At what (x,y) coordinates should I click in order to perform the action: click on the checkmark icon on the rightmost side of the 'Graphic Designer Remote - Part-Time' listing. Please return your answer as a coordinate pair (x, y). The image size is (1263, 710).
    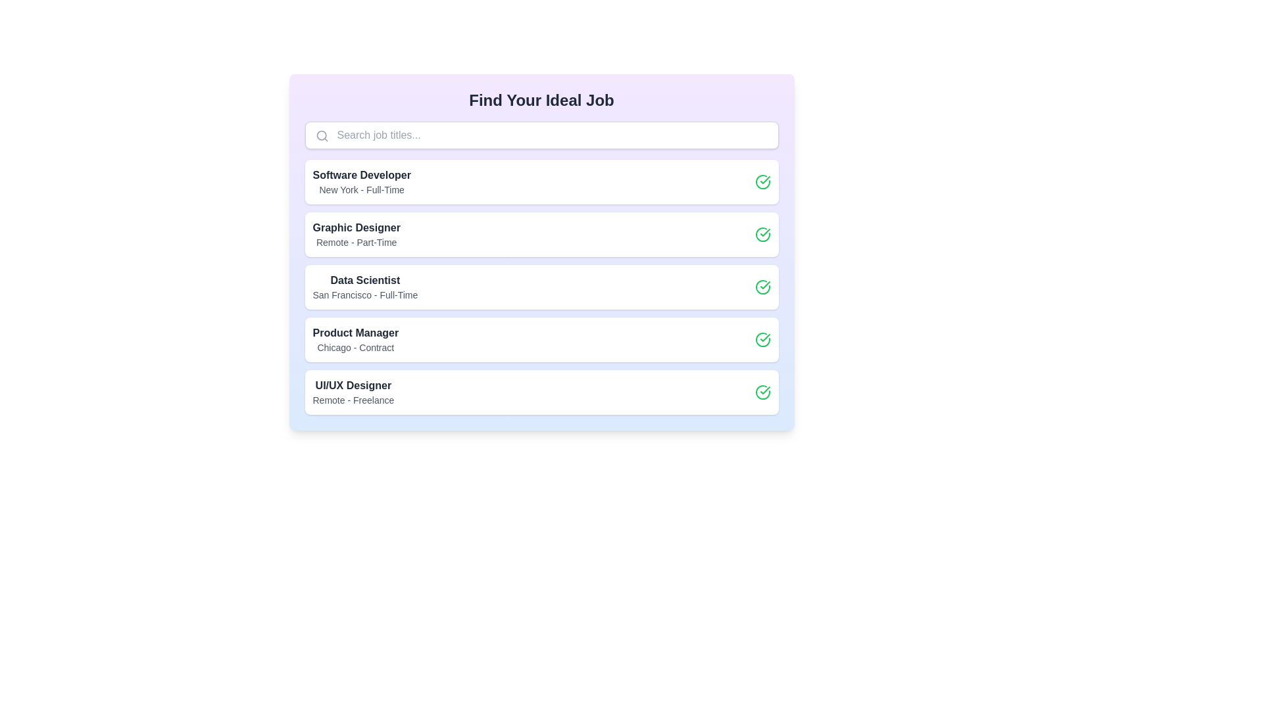
    Looking at the image, I should click on (762, 234).